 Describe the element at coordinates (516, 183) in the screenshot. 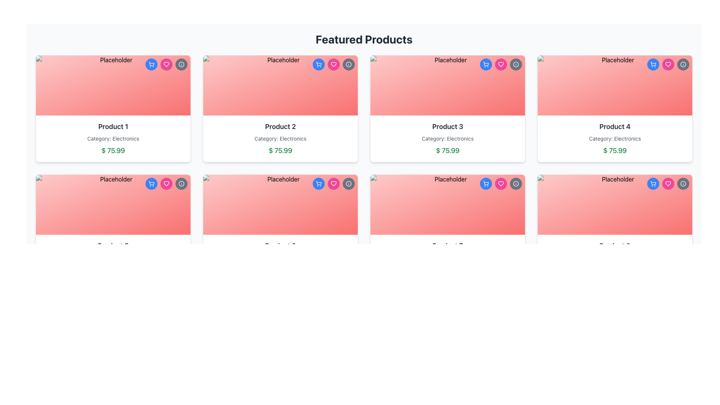

I see `the information button located in the upper-right corner of the product card for 'Product 3', which is the third button to the right of the heart-shaped button` at that location.